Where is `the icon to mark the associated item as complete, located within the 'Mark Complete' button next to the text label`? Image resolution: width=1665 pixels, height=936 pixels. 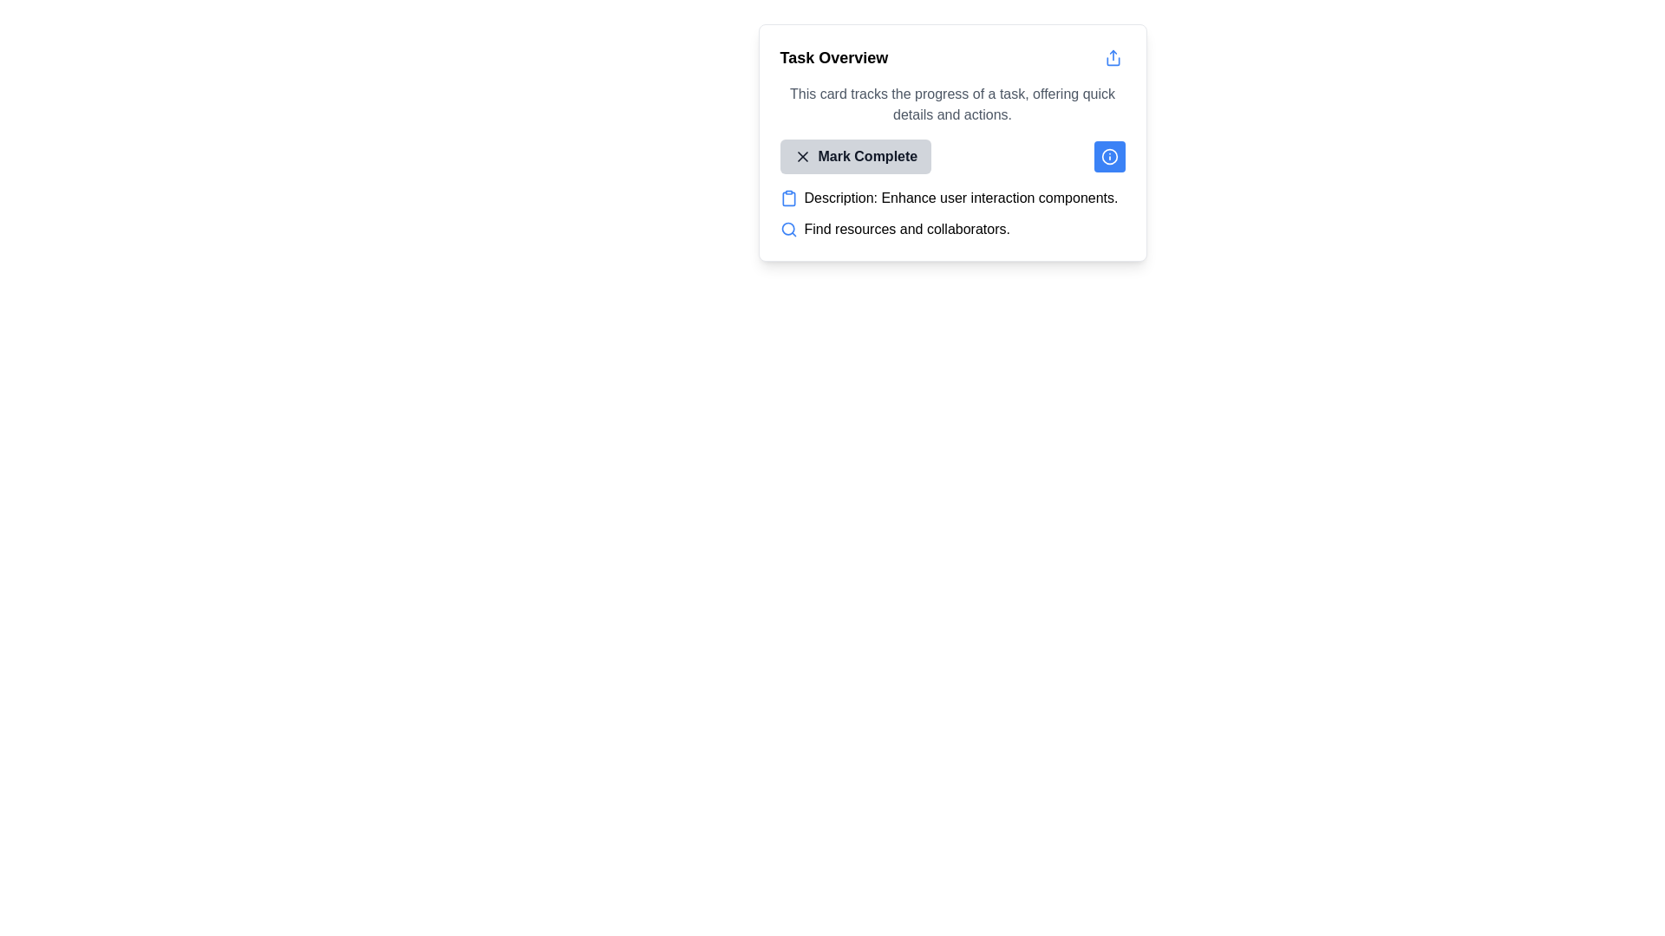 the icon to mark the associated item as complete, located within the 'Mark Complete' button next to the text label is located at coordinates (801, 157).